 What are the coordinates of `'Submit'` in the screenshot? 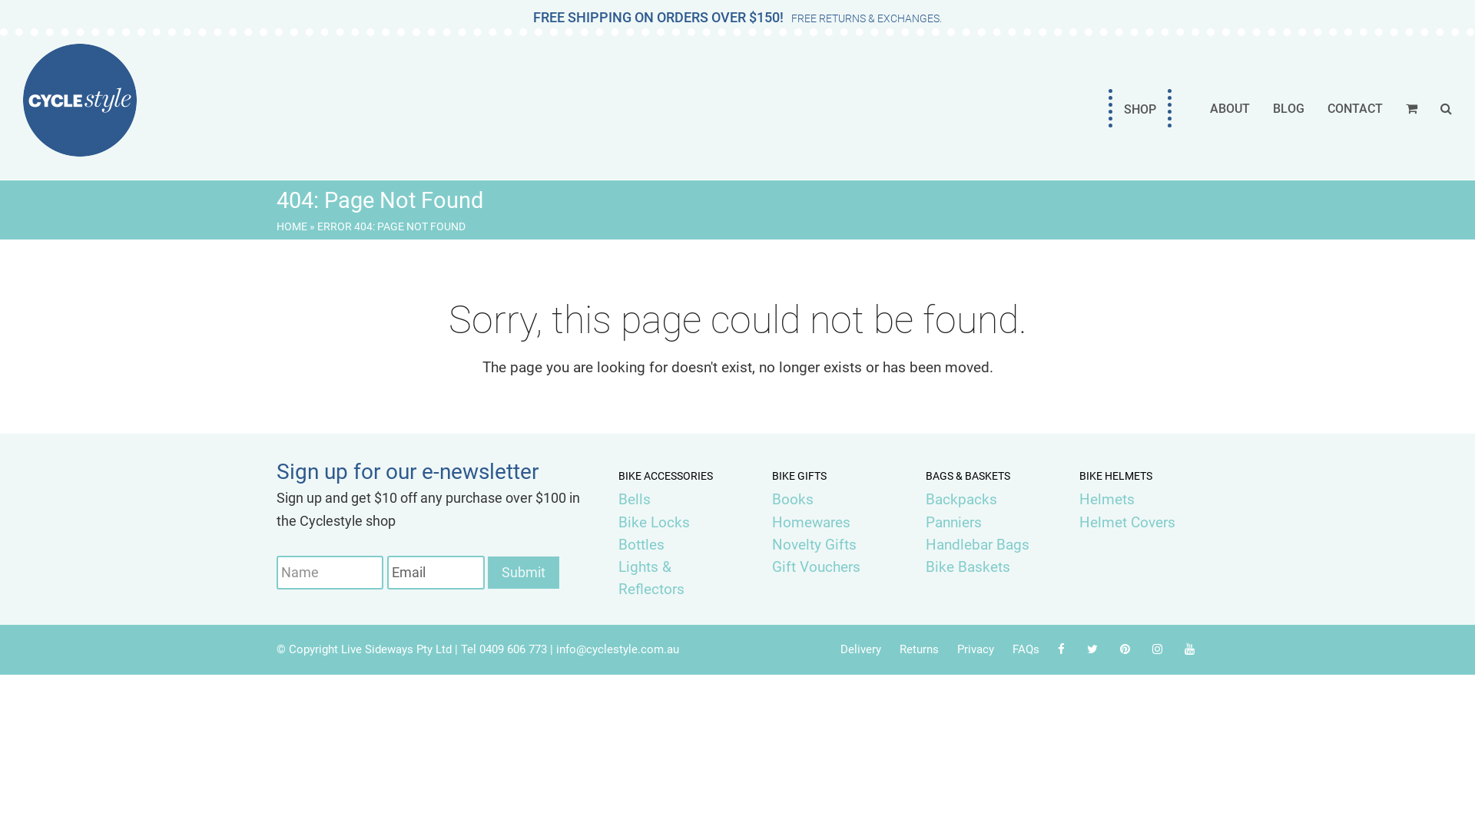 It's located at (523, 572).